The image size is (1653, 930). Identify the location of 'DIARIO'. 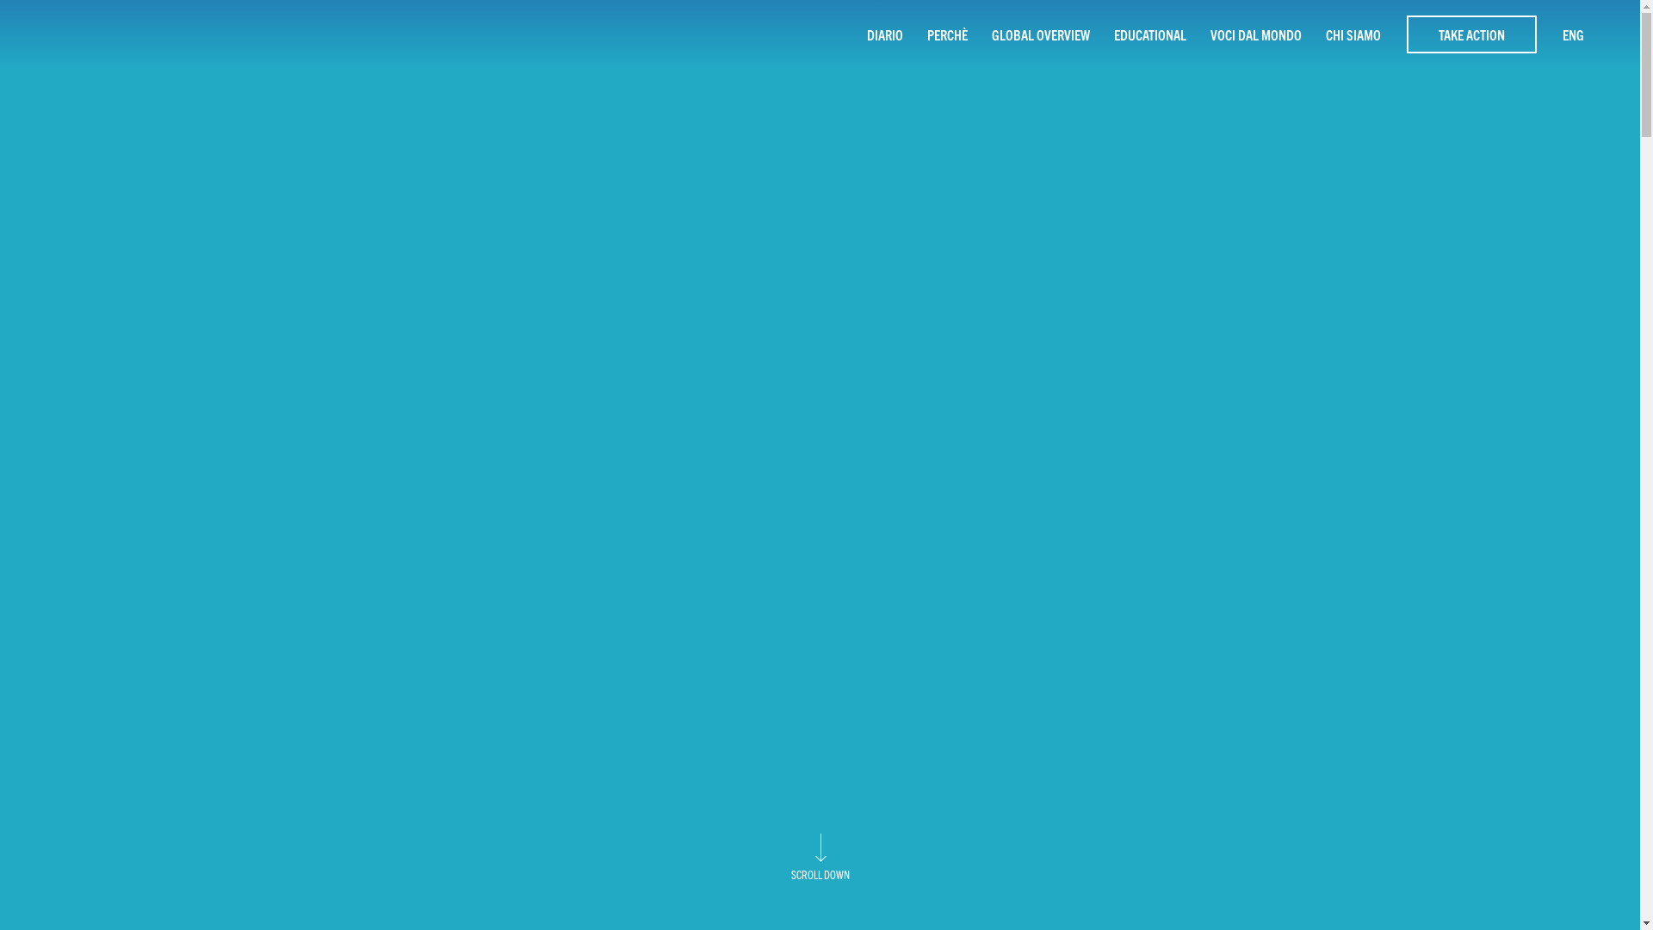
(867, 34).